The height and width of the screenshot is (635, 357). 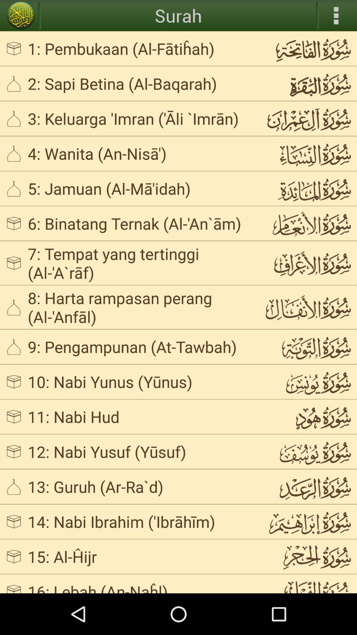 What do you see at coordinates (140, 188) in the screenshot?
I see `5 jamuan al` at bounding box center [140, 188].